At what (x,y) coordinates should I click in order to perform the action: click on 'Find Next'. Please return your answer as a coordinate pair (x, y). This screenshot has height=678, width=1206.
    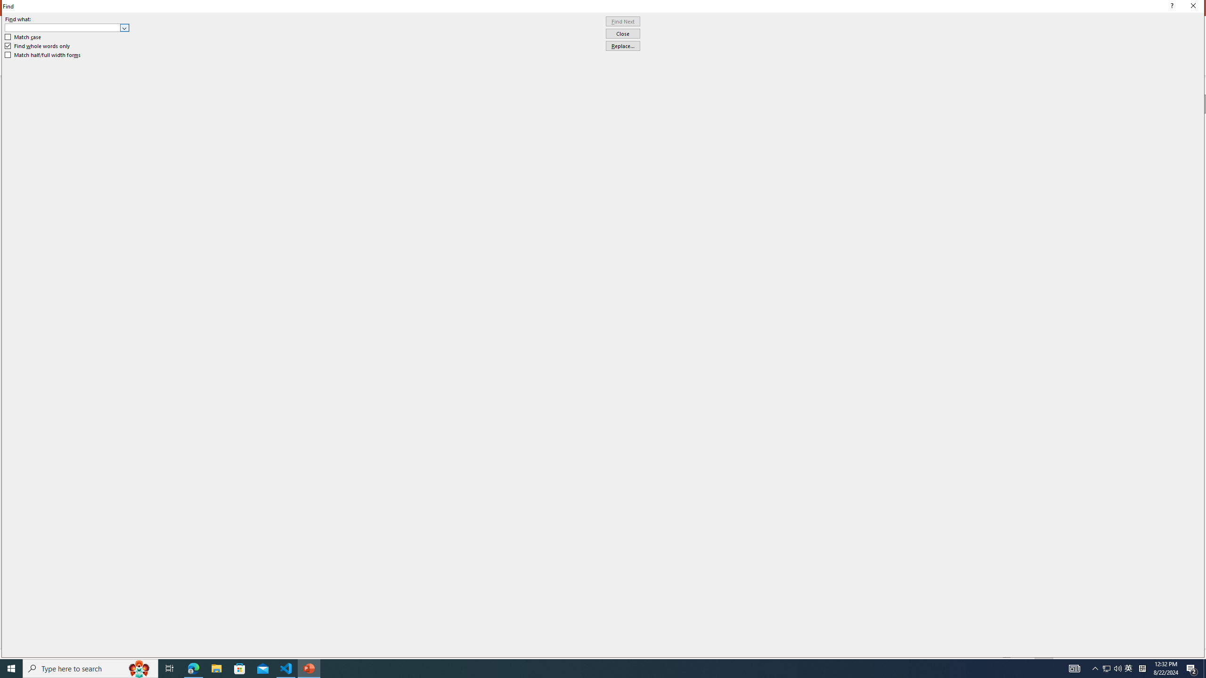
    Looking at the image, I should click on (622, 21).